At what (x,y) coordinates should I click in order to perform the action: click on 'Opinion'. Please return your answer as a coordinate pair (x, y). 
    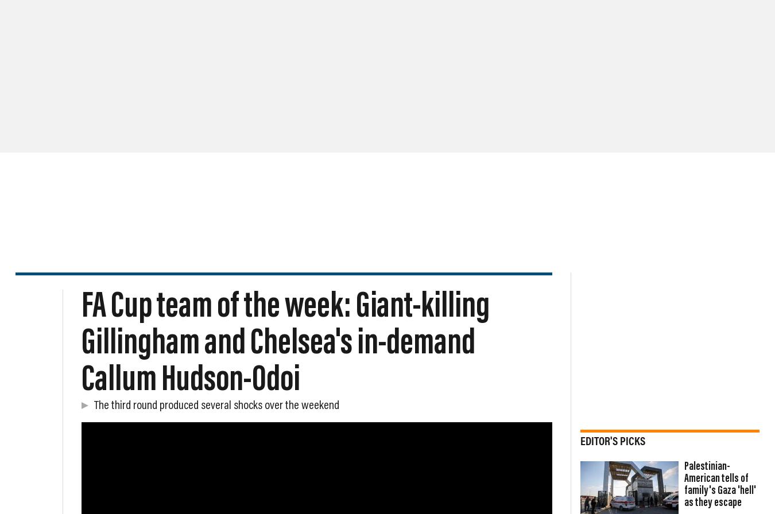
    Looking at the image, I should click on (259, 85).